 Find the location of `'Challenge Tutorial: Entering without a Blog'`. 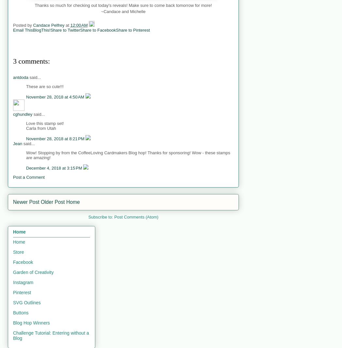

'Challenge Tutorial: Entering without a Blog' is located at coordinates (51, 335).